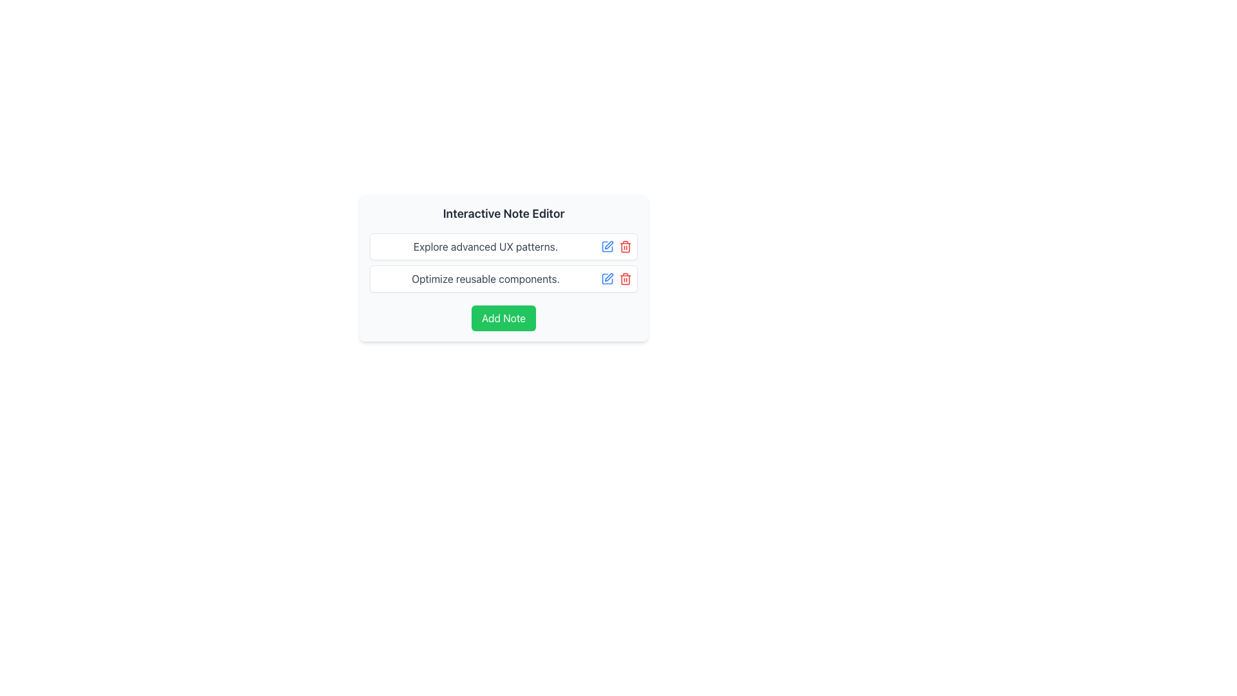 Image resolution: width=1237 pixels, height=696 pixels. Describe the element at coordinates (606, 278) in the screenshot. I see `the edit button located at the end of the second row labeled 'Optimize reusable components'` at that location.